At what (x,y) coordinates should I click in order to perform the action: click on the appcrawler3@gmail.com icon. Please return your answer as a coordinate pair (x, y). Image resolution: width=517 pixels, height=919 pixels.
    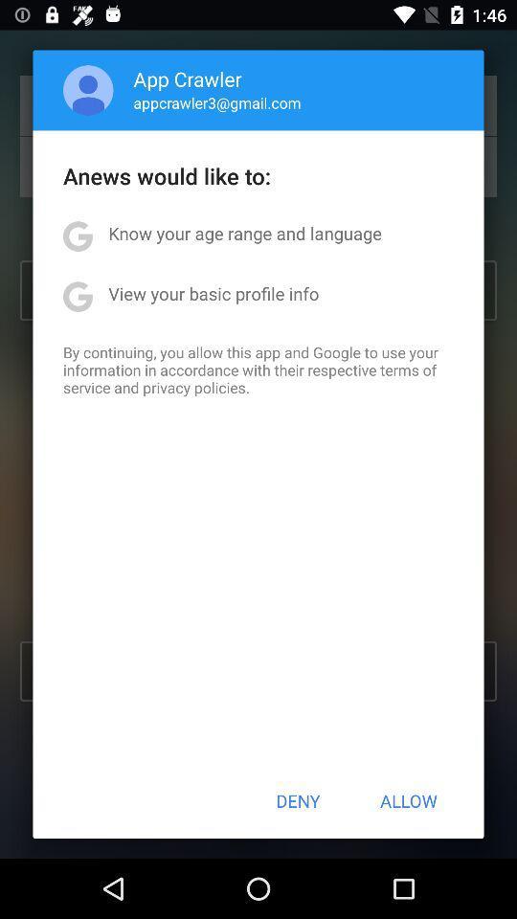
    Looking at the image, I should click on (216, 102).